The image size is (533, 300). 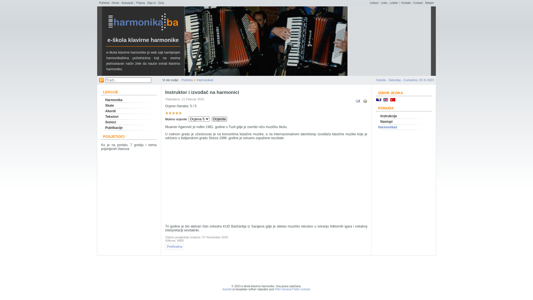 What do you see at coordinates (385, 99) in the screenshot?
I see `'English (UK)'` at bounding box center [385, 99].